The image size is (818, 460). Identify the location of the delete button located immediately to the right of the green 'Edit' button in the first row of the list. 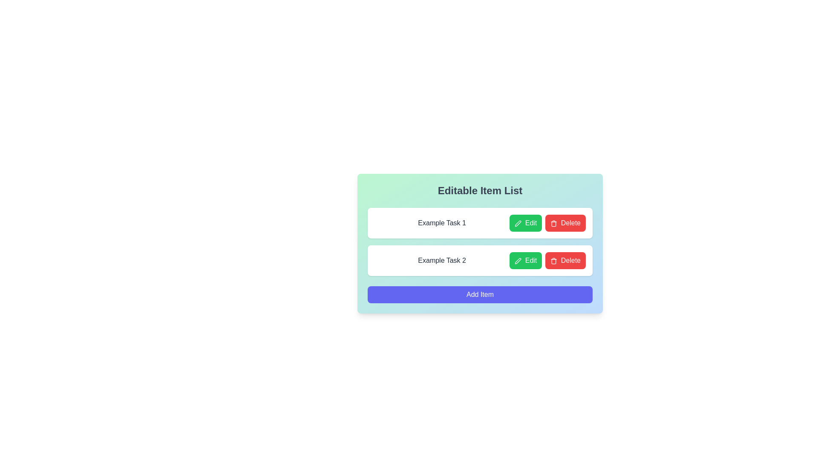
(565, 223).